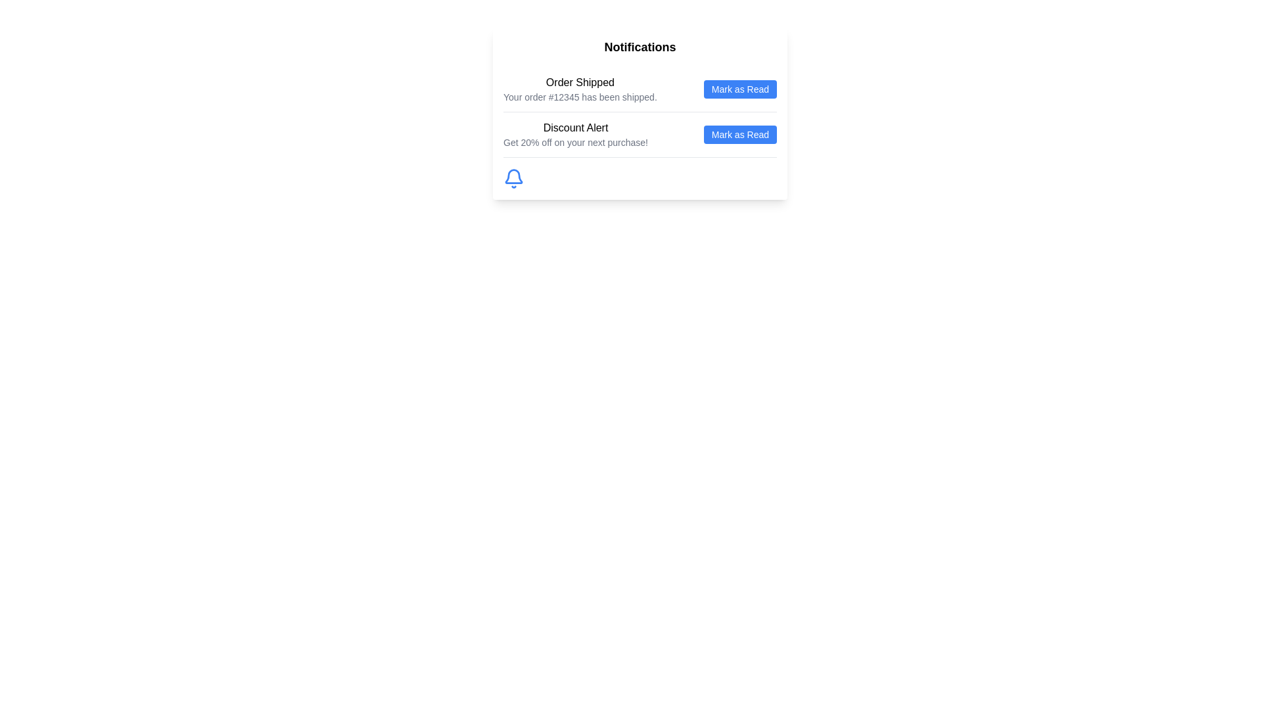 This screenshot has width=1262, height=710. I want to click on the title text of the notification that summarizes the notification's purpose, located at the top of the notification card, so click(579, 83).